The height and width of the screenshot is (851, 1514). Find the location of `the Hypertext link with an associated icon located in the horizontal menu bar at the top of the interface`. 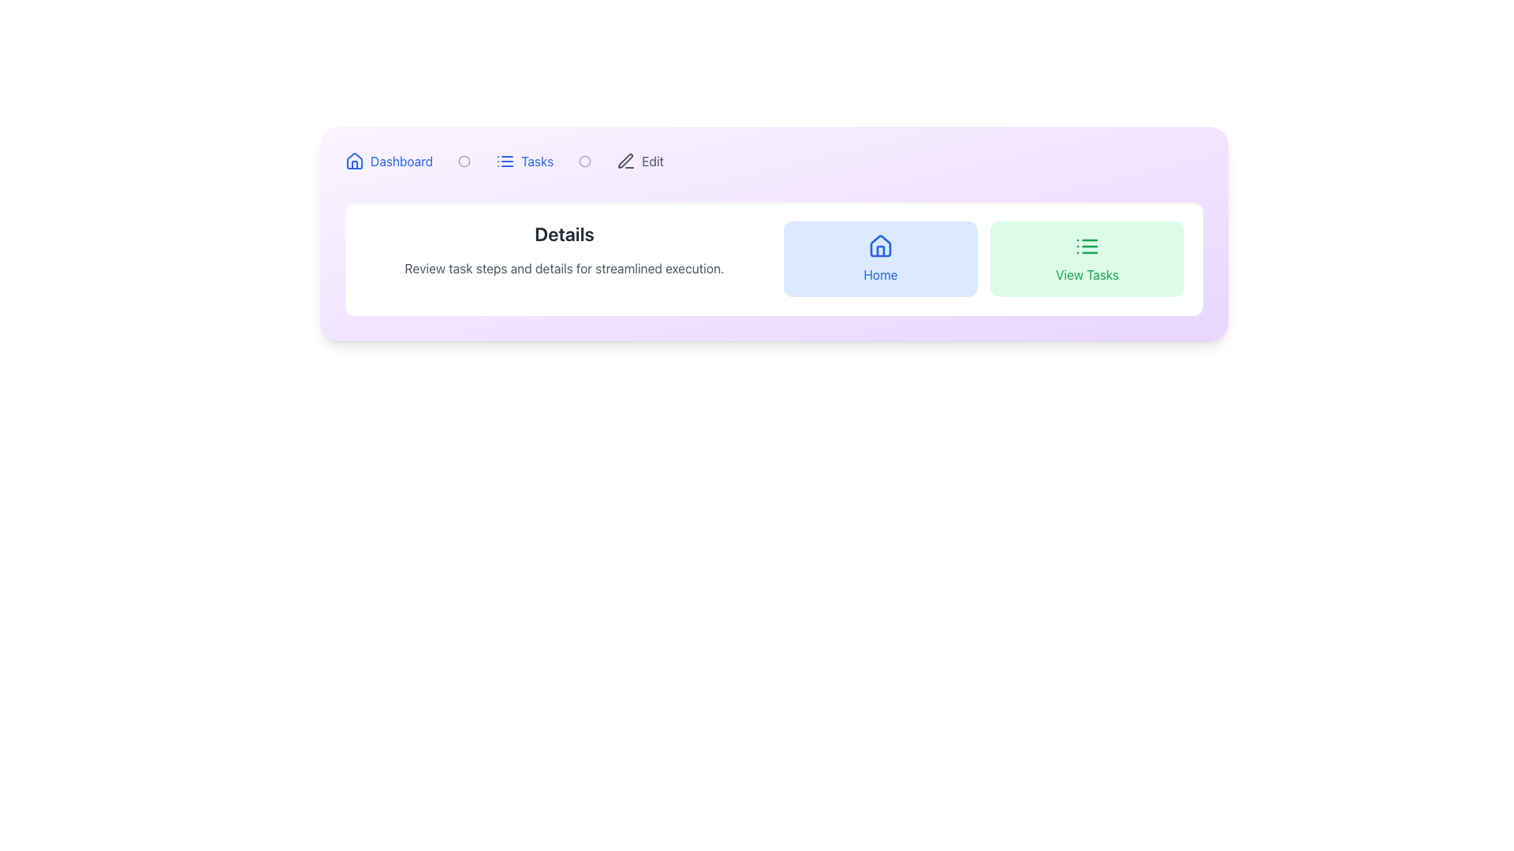

the Hypertext link with an associated icon located in the horizontal menu bar at the top of the interface is located at coordinates (389, 161).